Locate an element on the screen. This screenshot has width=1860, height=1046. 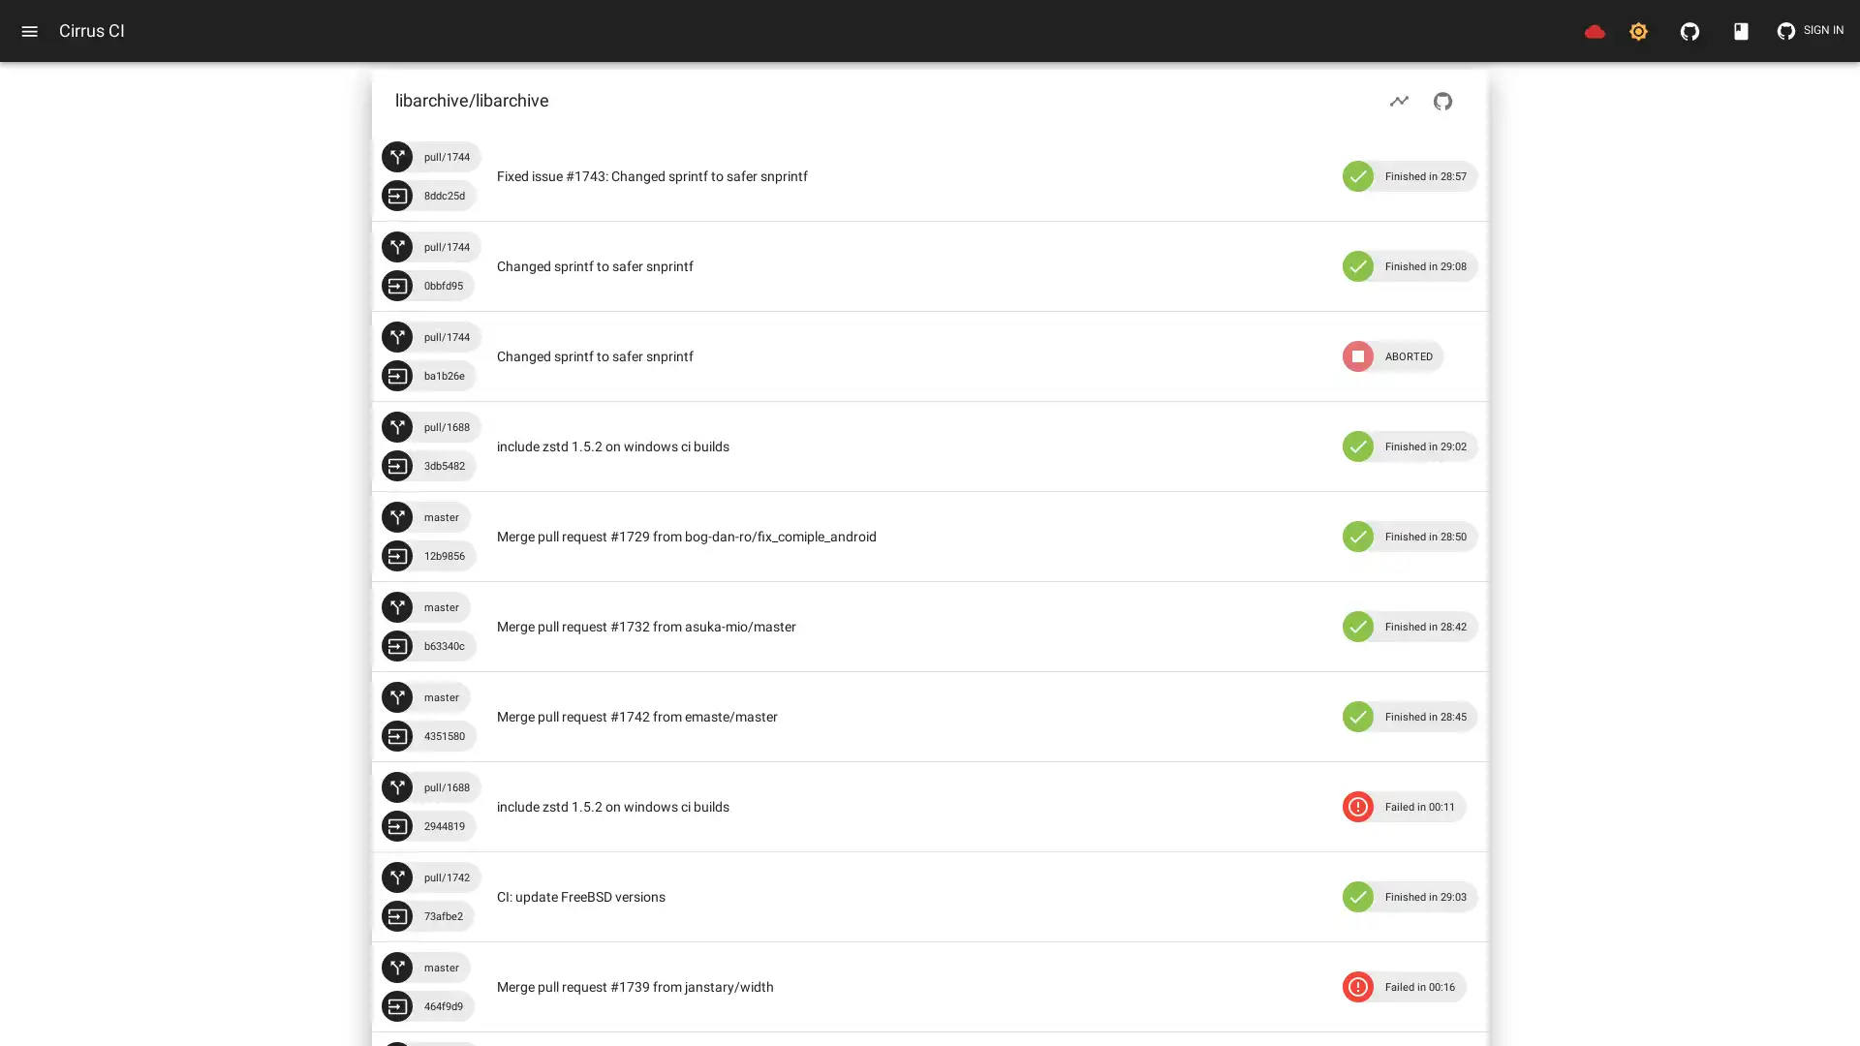
master is located at coordinates (425, 606).